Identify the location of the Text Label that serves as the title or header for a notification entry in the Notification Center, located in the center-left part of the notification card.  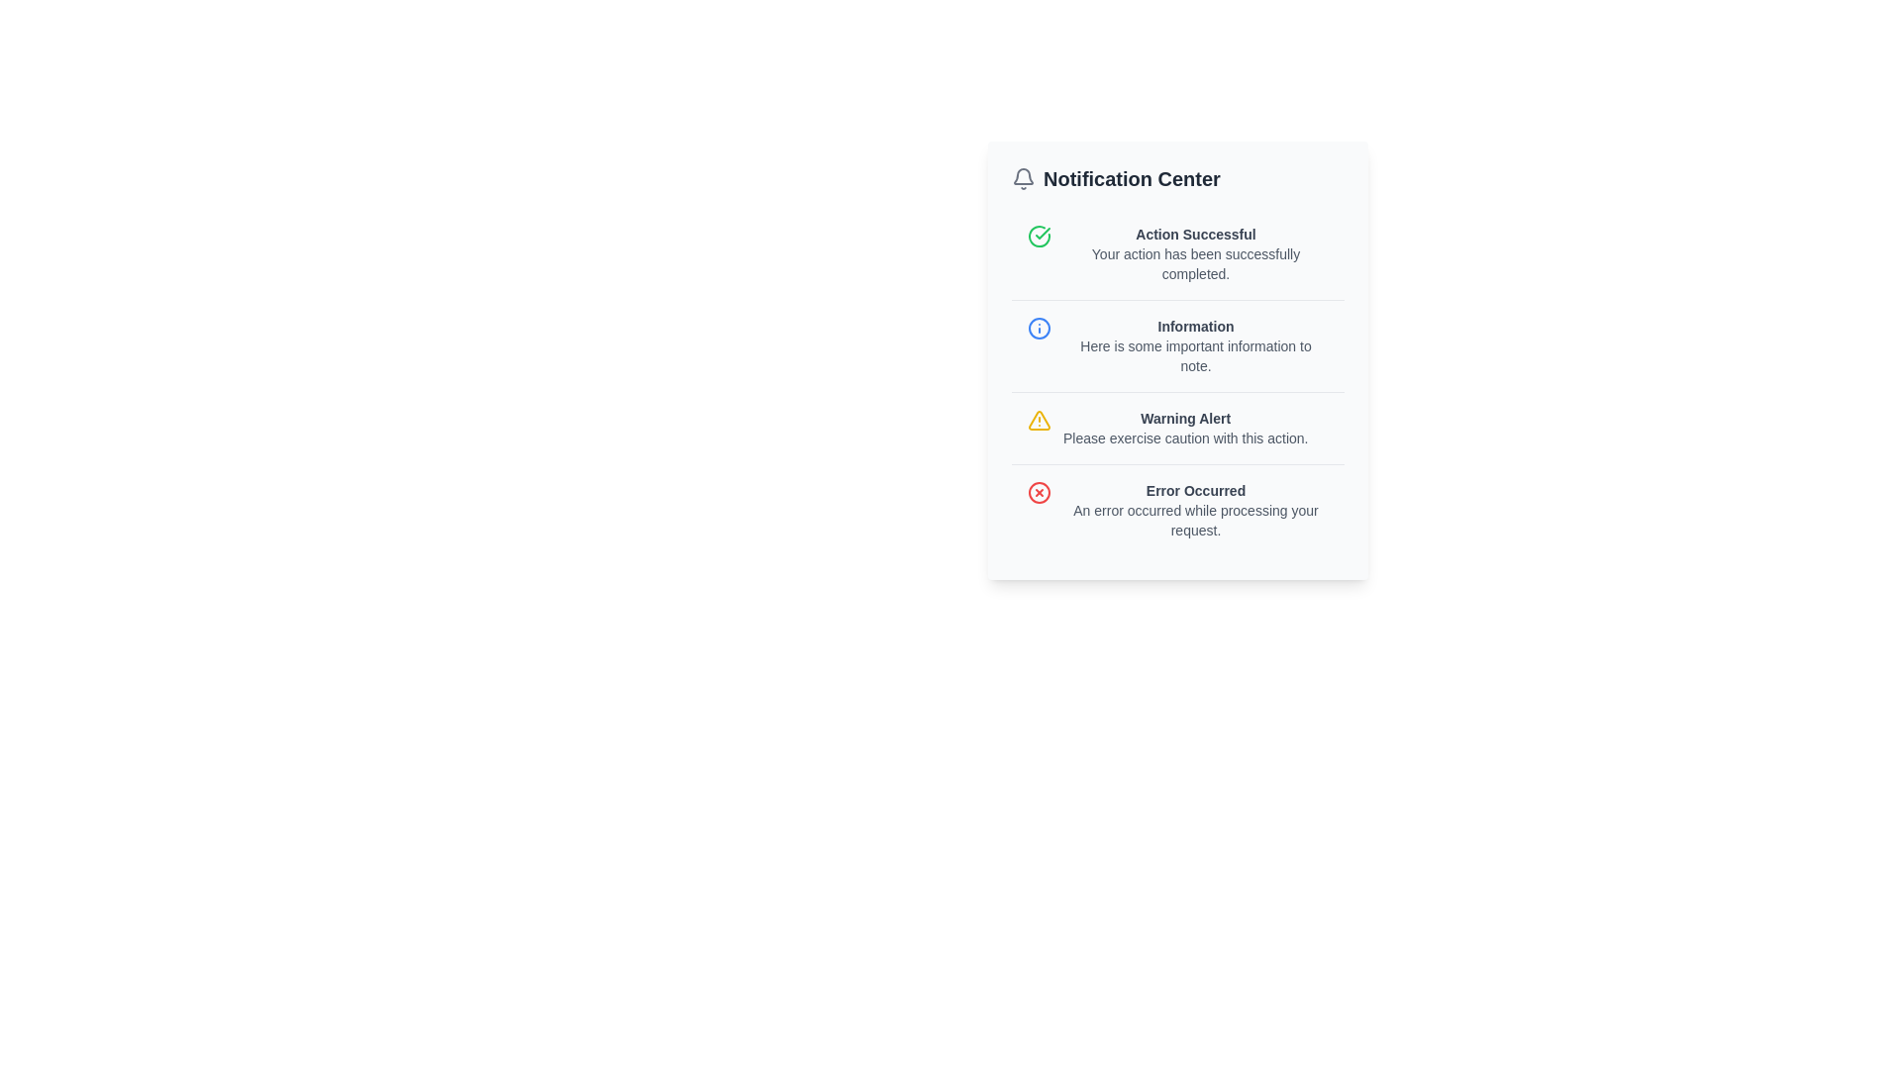
(1195, 326).